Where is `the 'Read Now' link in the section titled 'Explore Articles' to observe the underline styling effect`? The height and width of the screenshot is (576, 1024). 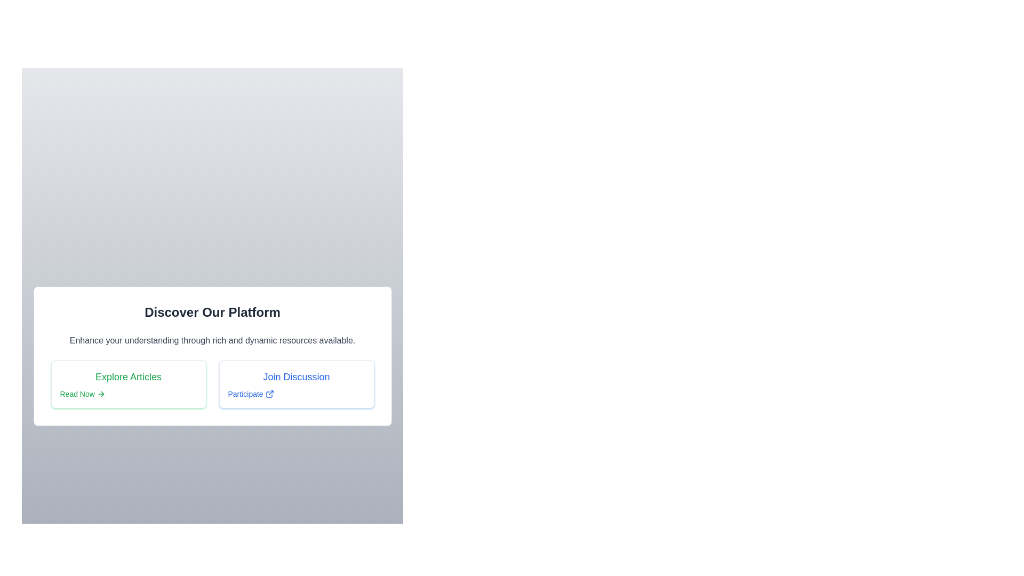 the 'Read Now' link in the section titled 'Explore Articles' to observe the underline styling effect is located at coordinates (128, 385).